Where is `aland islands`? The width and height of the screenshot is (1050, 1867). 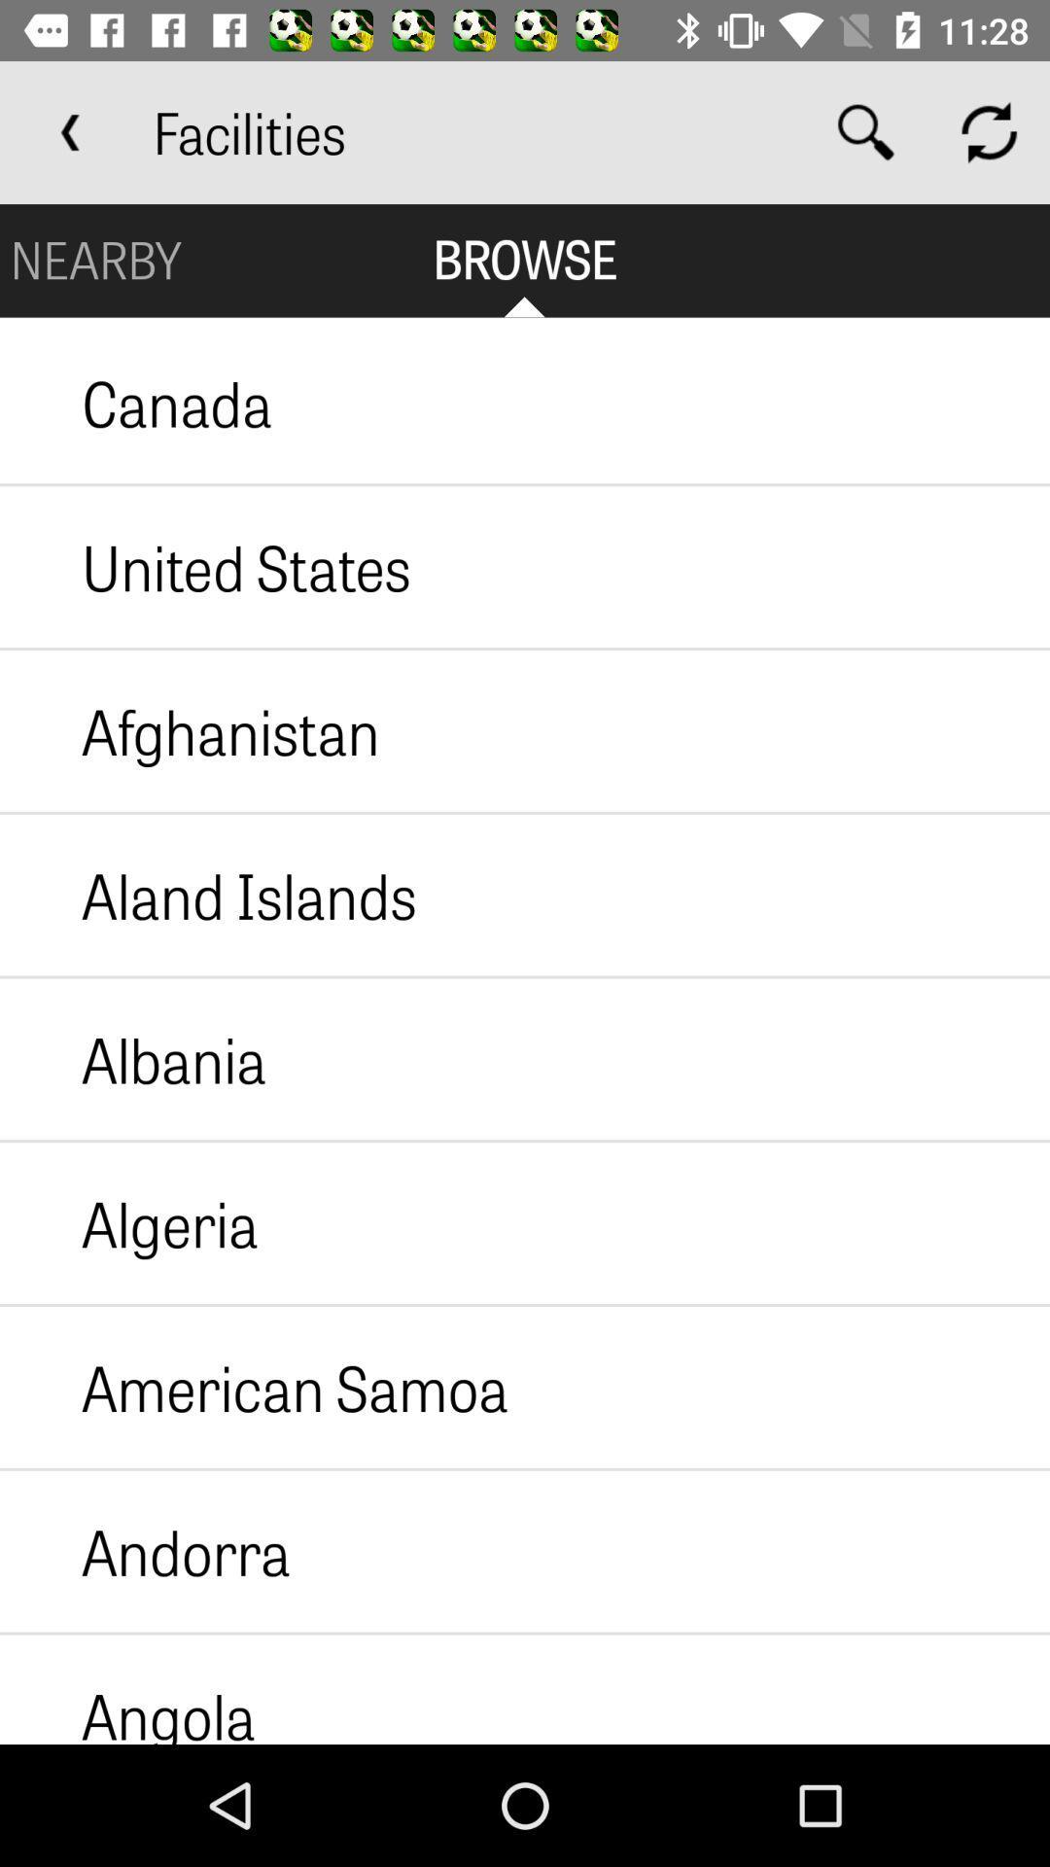 aland islands is located at coordinates (208, 894).